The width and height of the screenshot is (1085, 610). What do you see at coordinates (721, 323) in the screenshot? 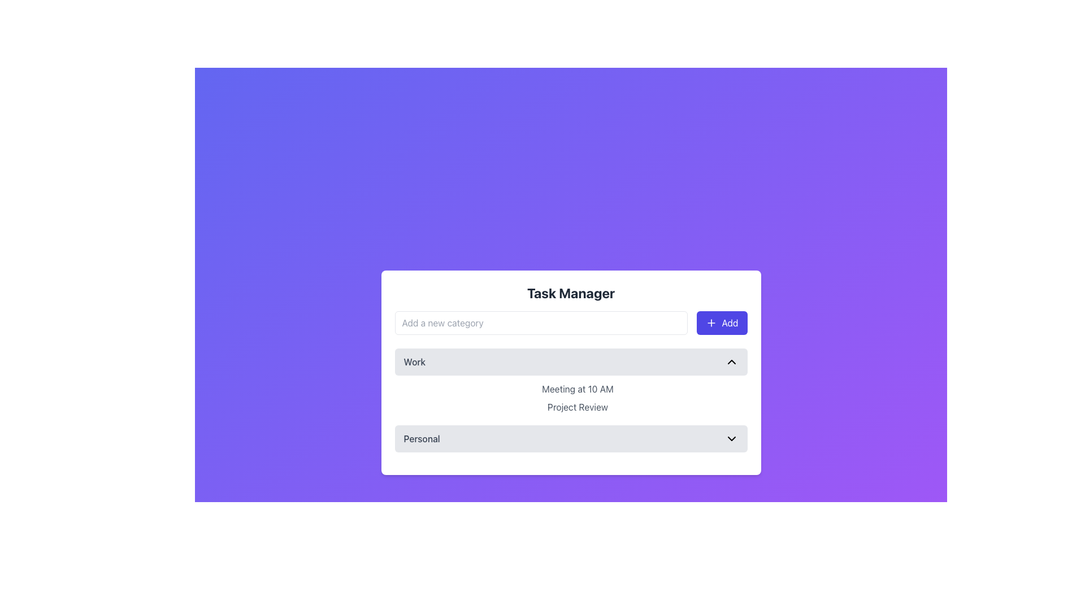
I see `the button with a blue background and white text that reads 'Add', located next to the text input field labeled 'Add a new category'` at bounding box center [721, 323].